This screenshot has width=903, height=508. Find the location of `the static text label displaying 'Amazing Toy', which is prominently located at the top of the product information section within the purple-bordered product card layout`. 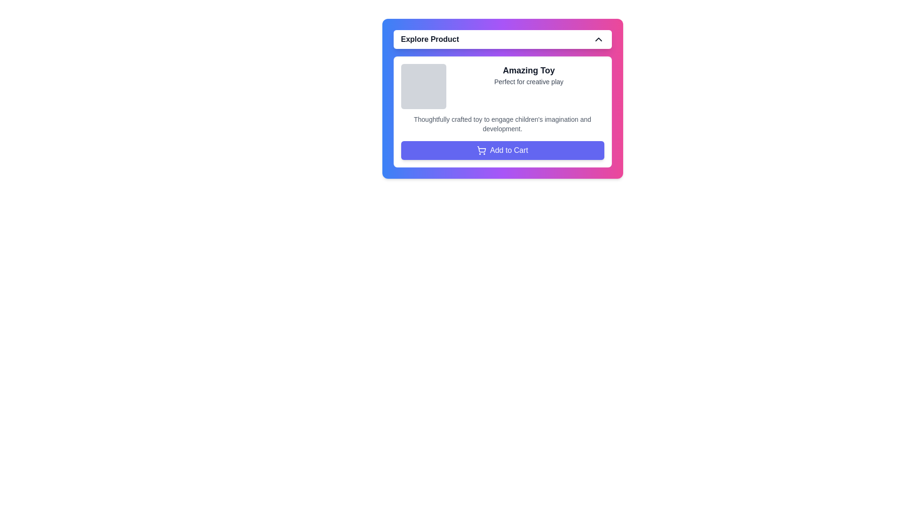

the static text label displaying 'Amazing Toy', which is prominently located at the top of the product information section within the purple-bordered product card layout is located at coordinates (529, 70).